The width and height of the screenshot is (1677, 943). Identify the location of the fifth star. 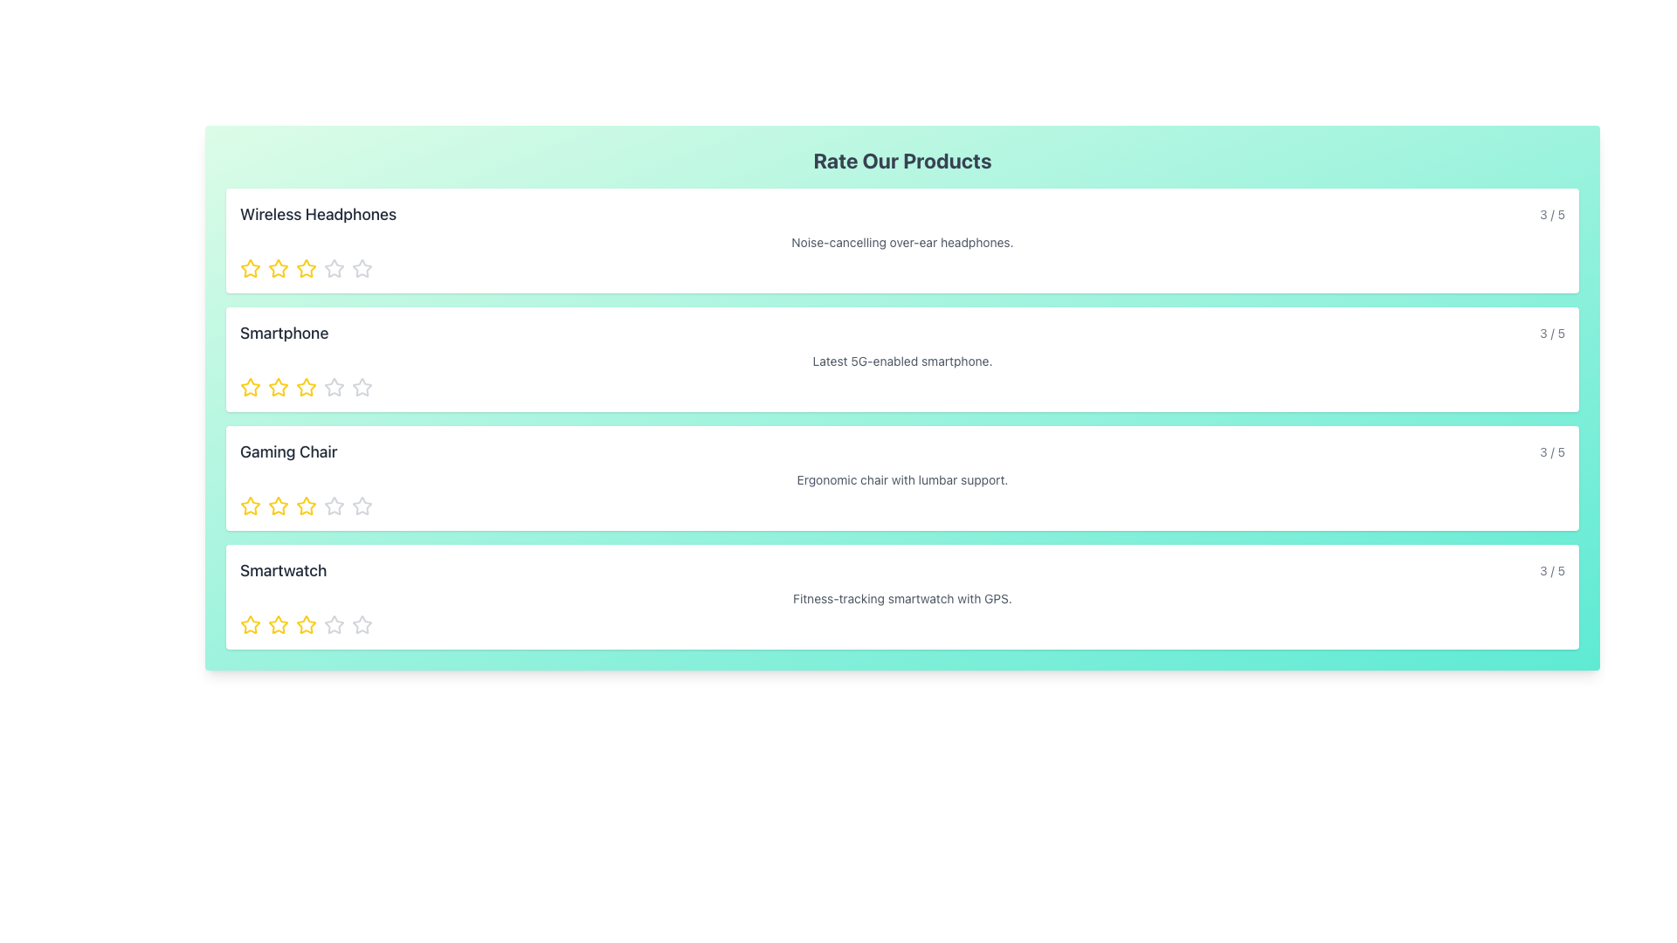
(335, 624).